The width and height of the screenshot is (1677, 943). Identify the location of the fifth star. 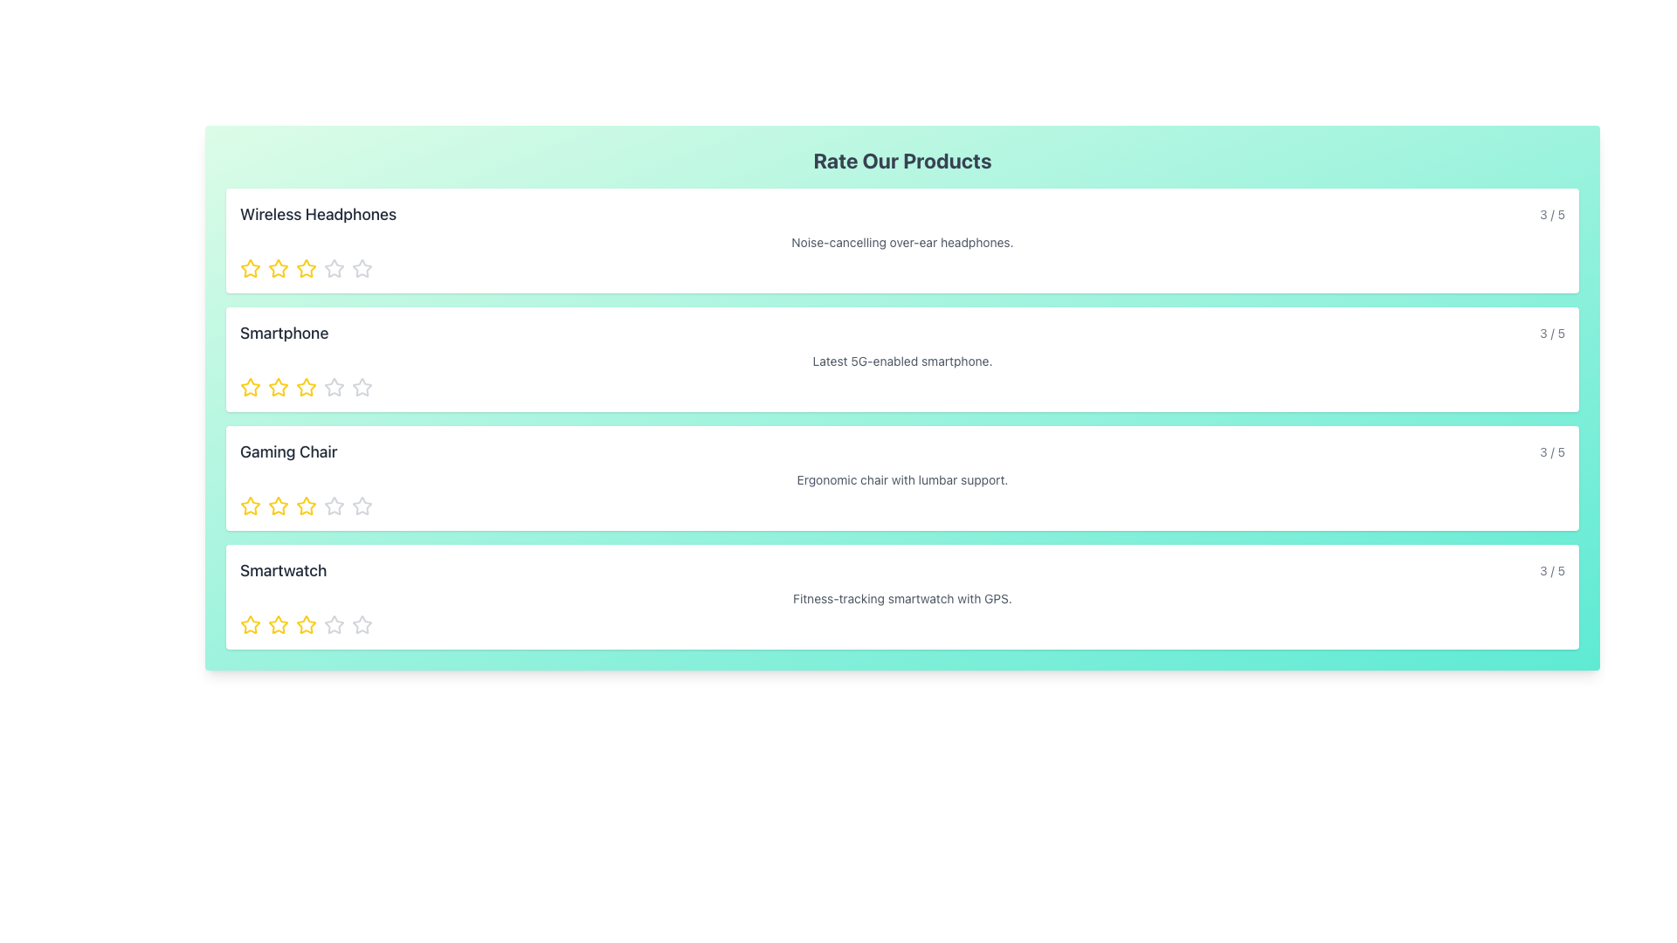
(335, 624).